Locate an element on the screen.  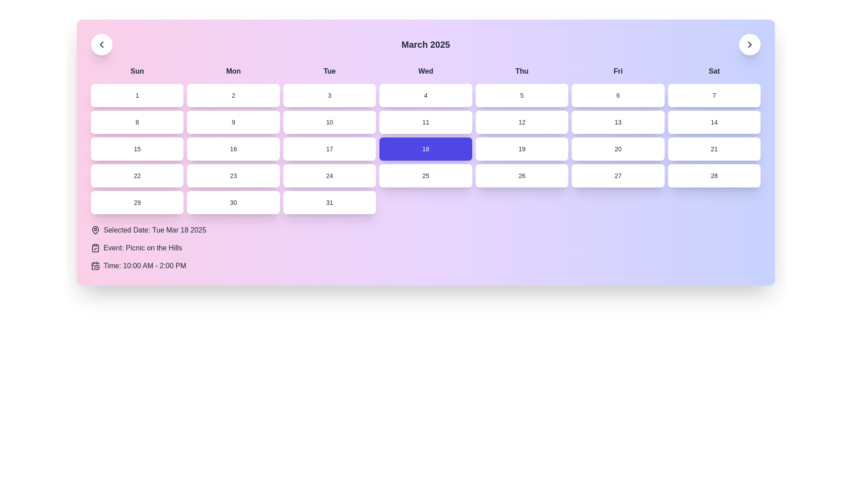
the Interactive calendar day button marked with '9' is located at coordinates (233, 122).